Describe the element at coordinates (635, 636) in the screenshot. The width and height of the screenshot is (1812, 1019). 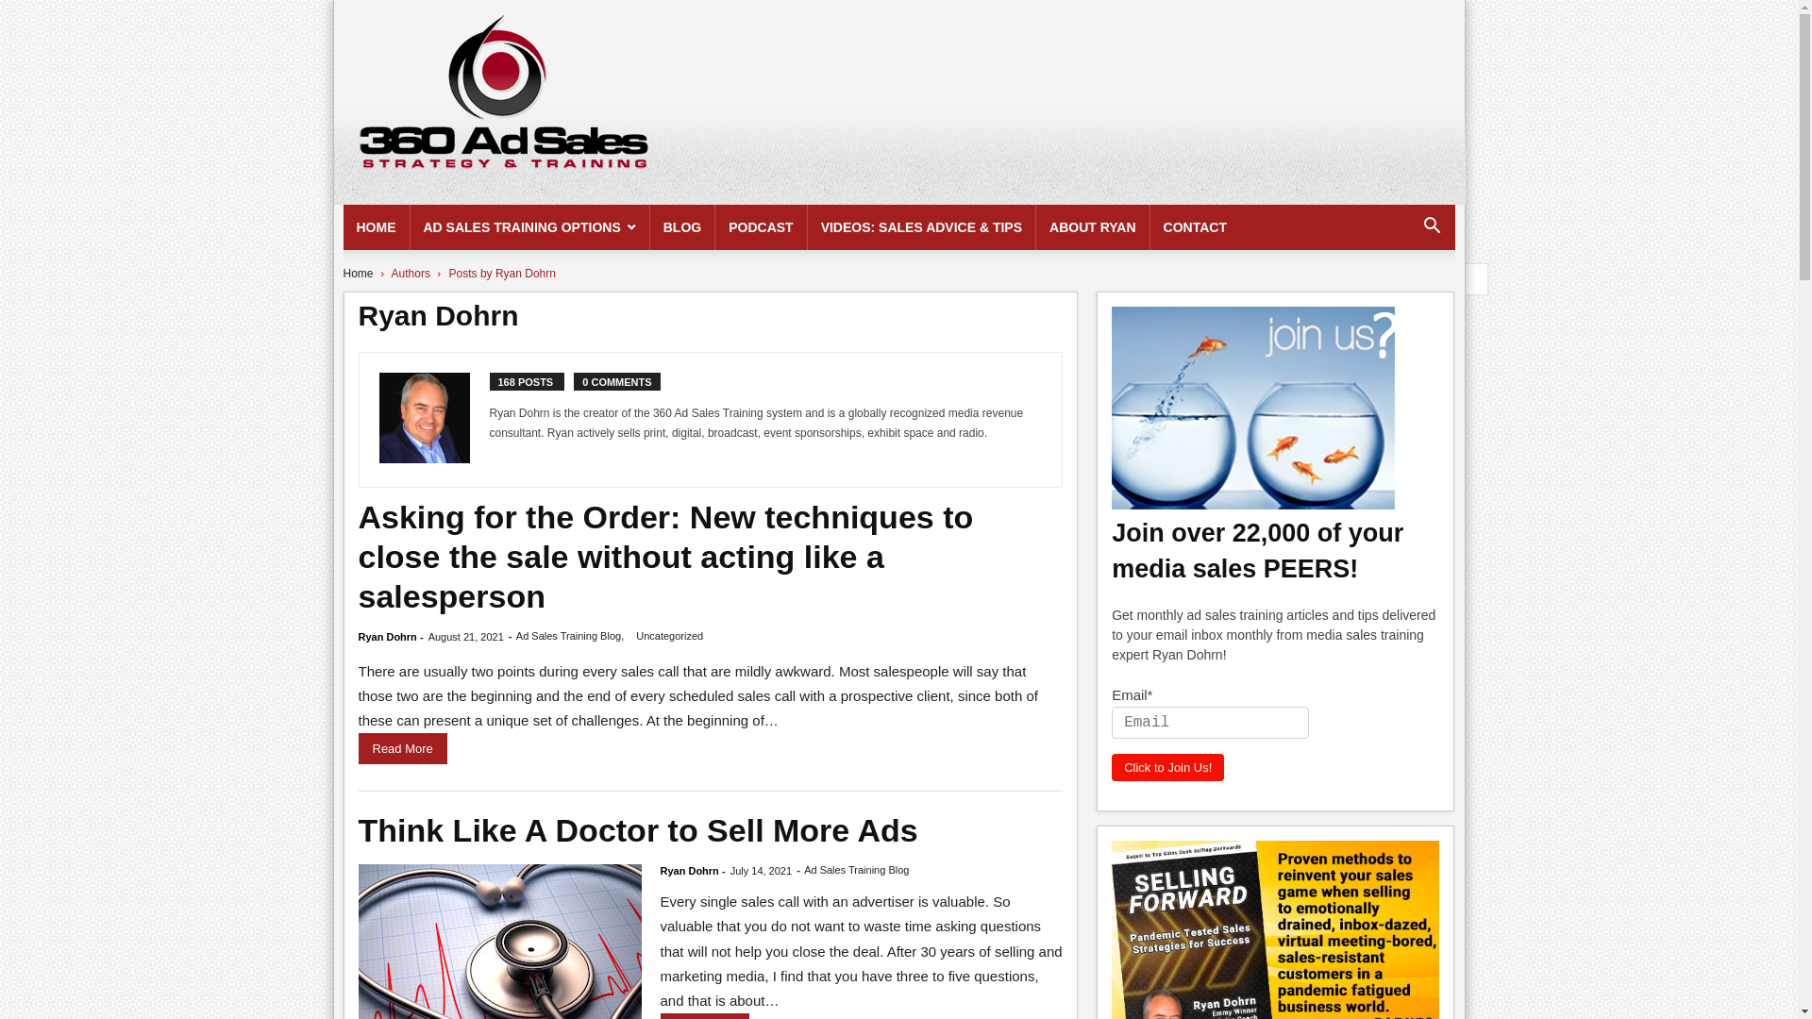
I see `'Uncategorized'` at that location.